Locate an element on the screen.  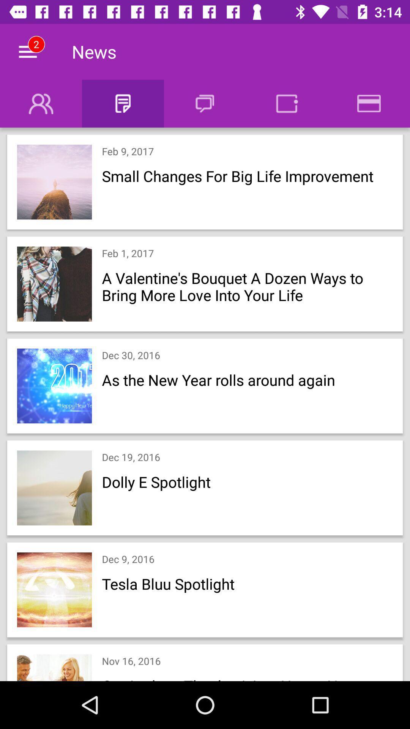
the item next to news item is located at coordinates (27, 51).